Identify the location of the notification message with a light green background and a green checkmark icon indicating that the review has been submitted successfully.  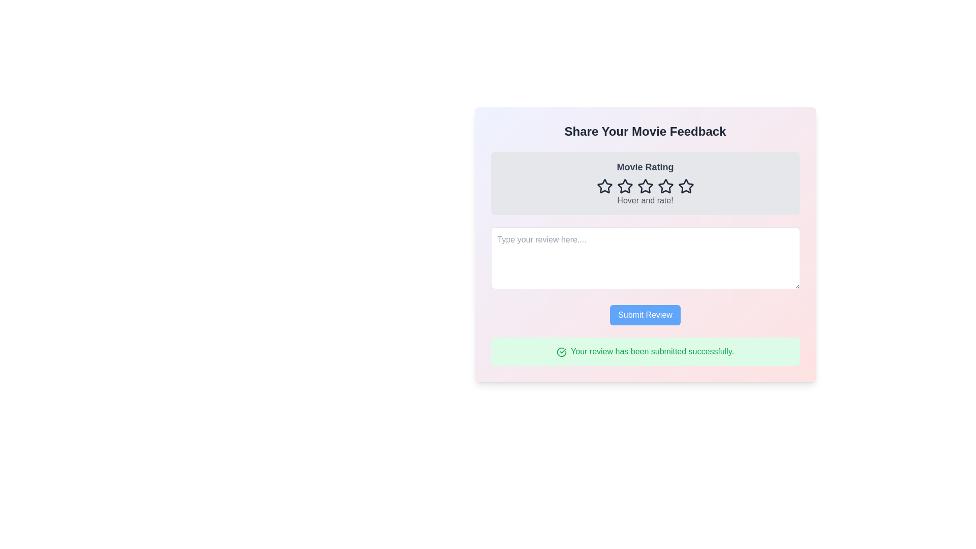
(645, 351).